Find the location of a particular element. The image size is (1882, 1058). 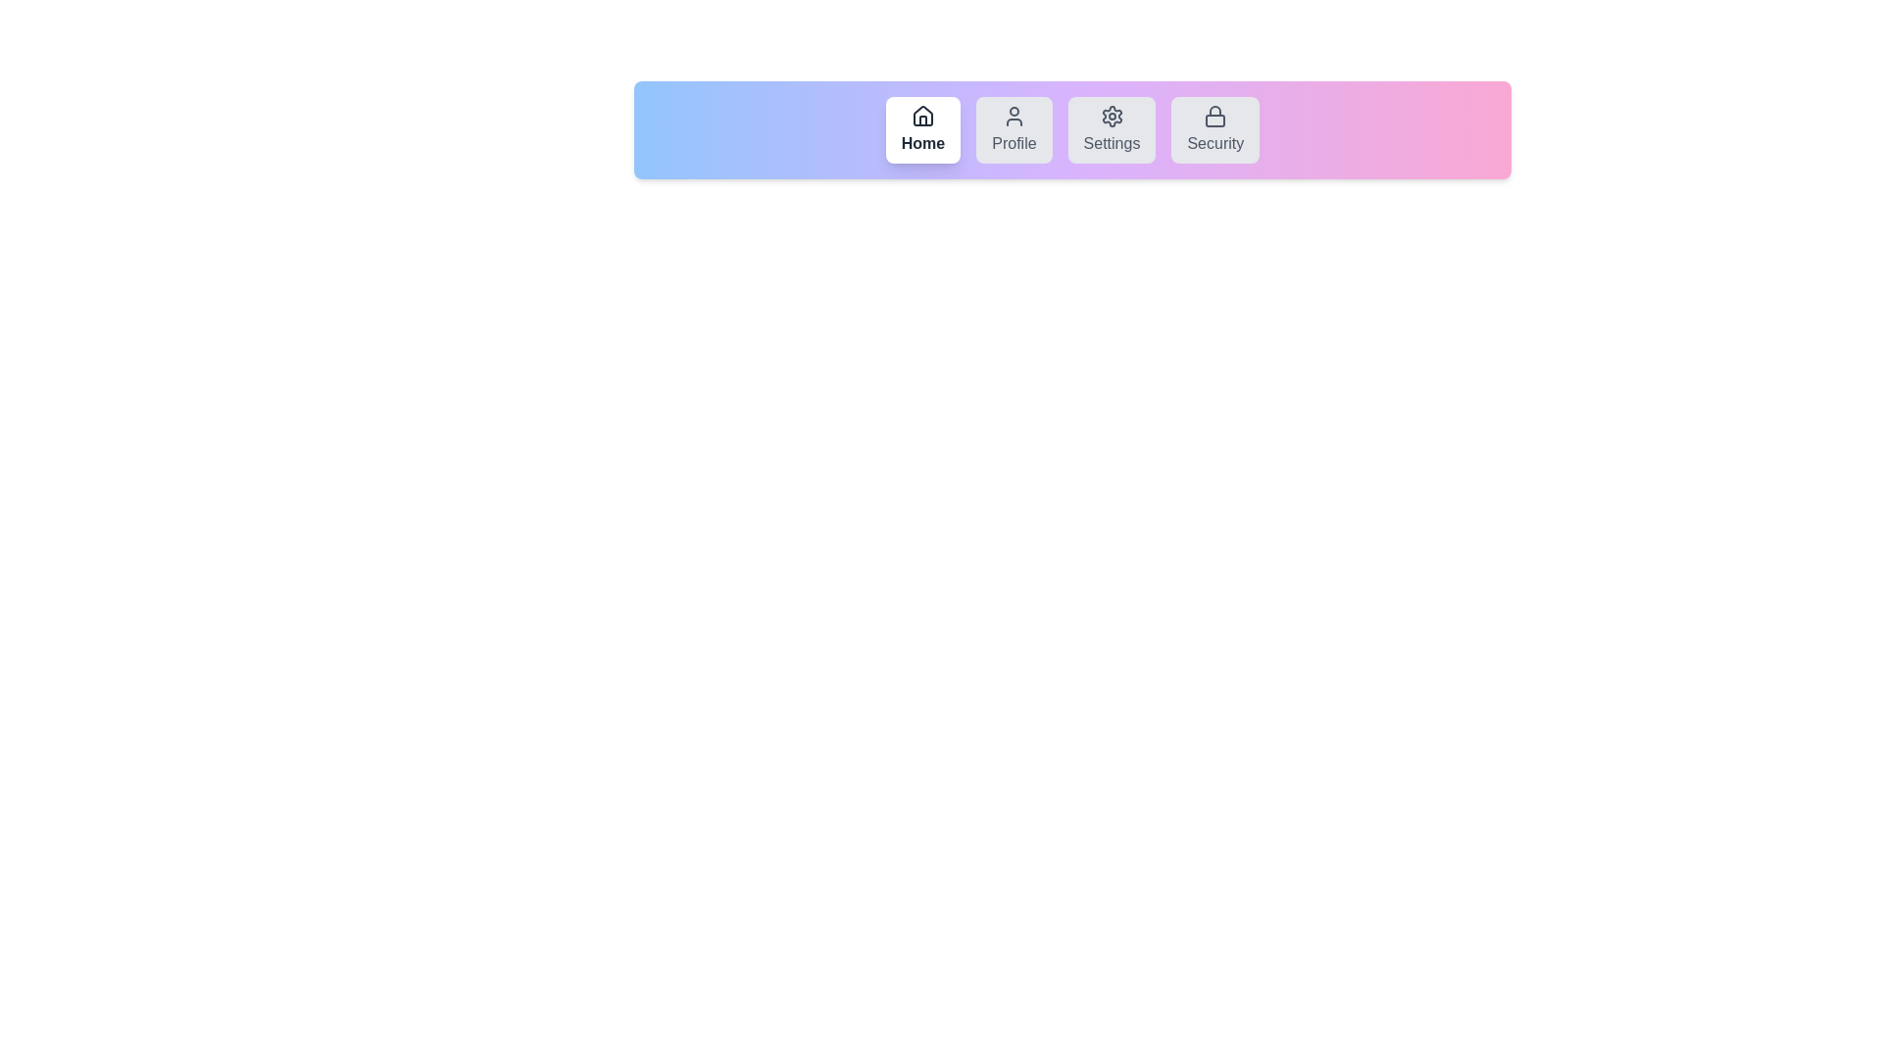

the tab labeled Profile by clicking on it is located at coordinates (1013, 129).